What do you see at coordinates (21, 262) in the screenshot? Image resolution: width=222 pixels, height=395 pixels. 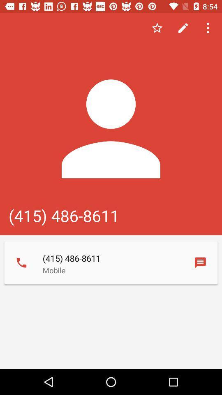 I see `the phone icon` at bounding box center [21, 262].